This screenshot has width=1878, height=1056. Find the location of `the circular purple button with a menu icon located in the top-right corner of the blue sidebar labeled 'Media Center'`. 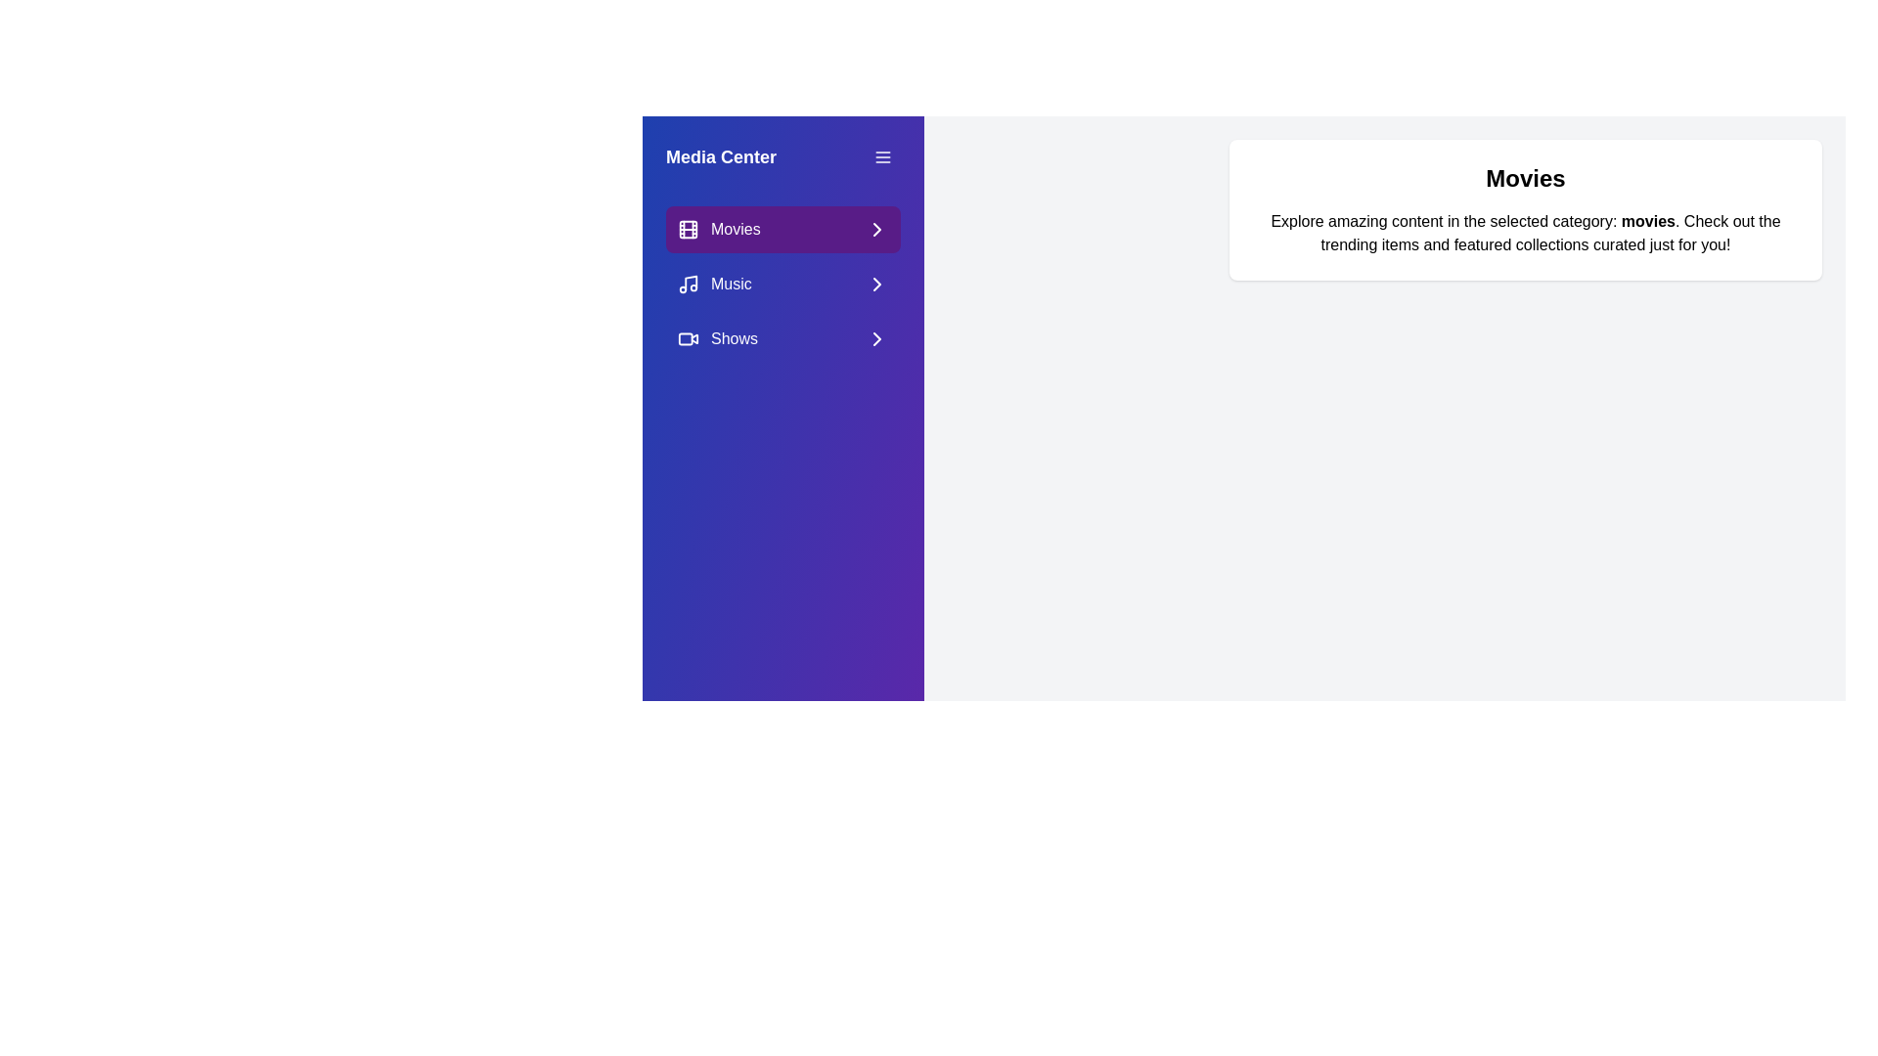

the circular purple button with a menu icon located in the top-right corner of the blue sidebar labeled 'Media Center' is located at coordinates (881, 156).